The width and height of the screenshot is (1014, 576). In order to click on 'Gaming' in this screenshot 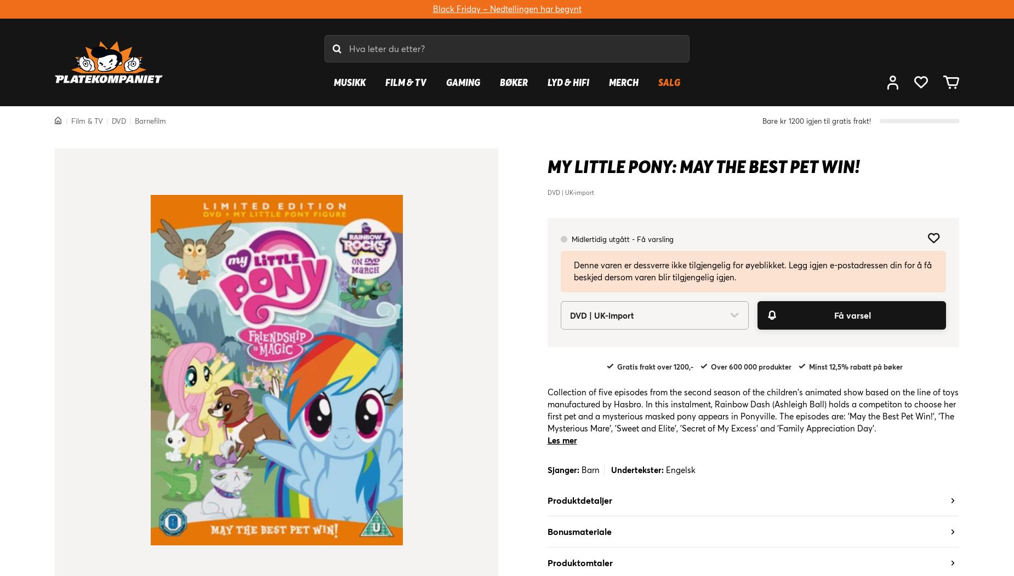, I will do `click(463, 82)`.